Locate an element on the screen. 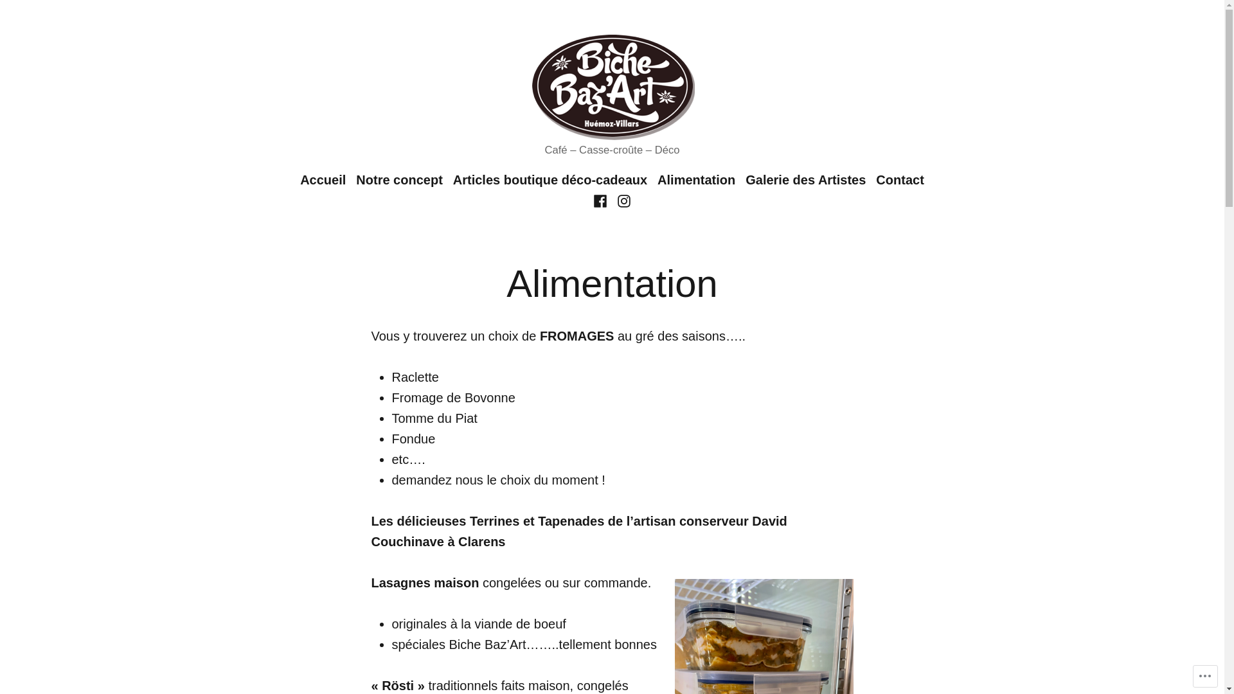  'Galerie des Artistes' is located at coordinates (805, 179).